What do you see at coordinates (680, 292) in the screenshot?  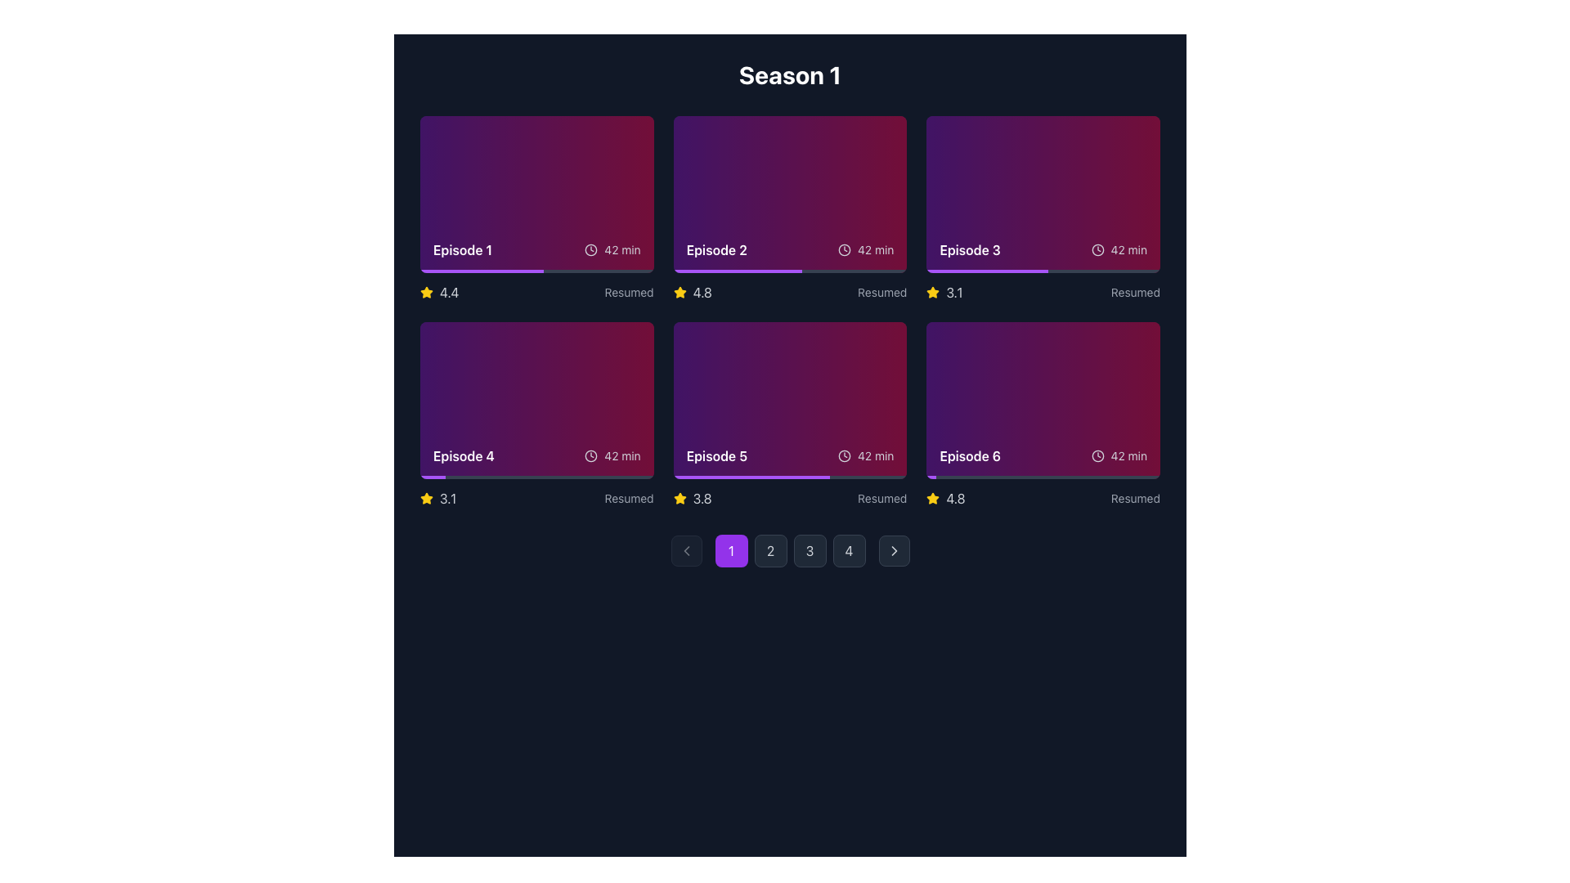 I see `the yellow star-shaped icon with a filled appearance located in the second row of the grid layout, directly to the left of the rating number '4.8'` at bounding box center [680, 292].